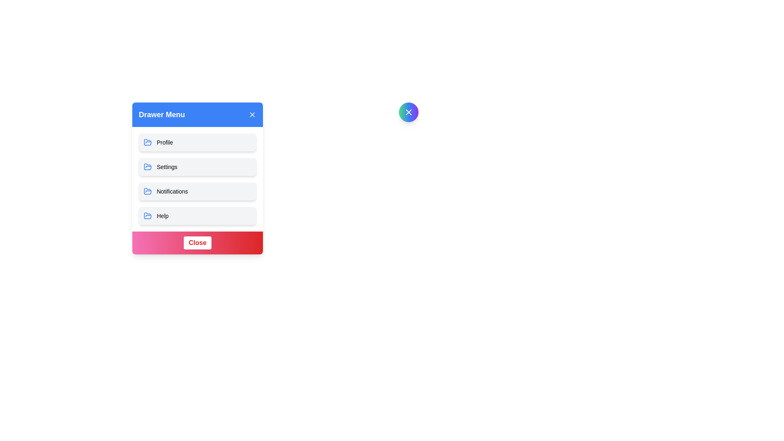 The height and width of the screenshot is (441, 784). What do you see at coordinates (198, 166) in the screenshot?
I see `the 'Settings' button in the drawer menu, which is the second item below 'Profile' and above 'Notifications'` at bounding box center [198, 166].